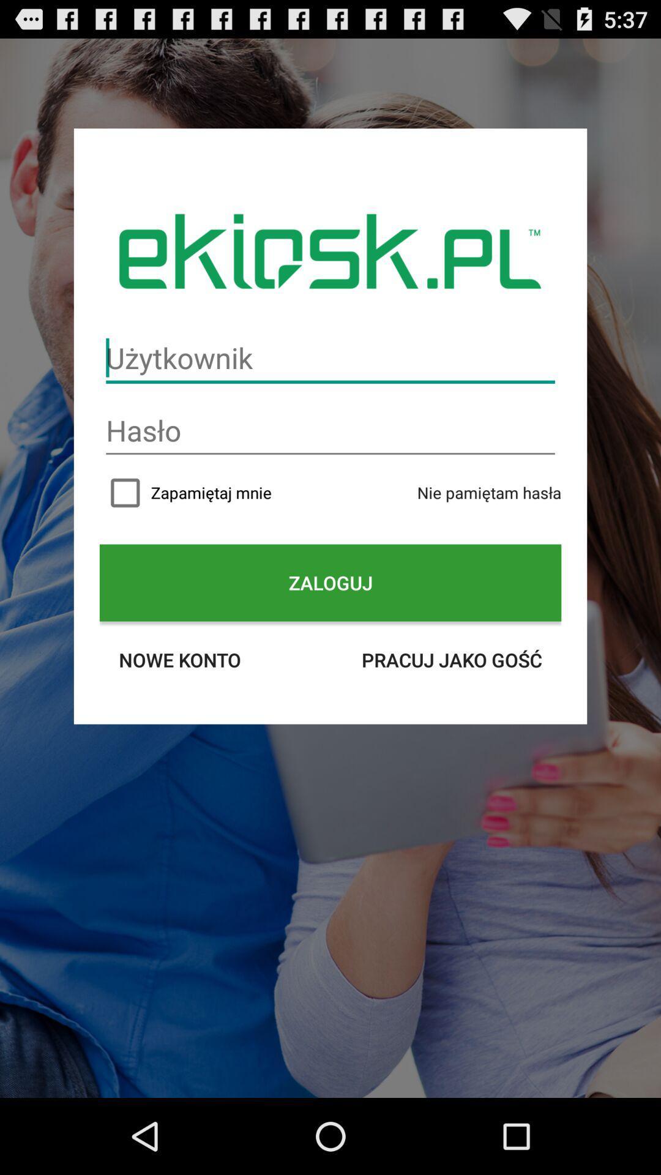 The width and height of the screenshot is (661, 1175). What do you see at coordinates (179, 659) in the screenshot?
I see `nowe konto icon` at bounding box center [179, 659].